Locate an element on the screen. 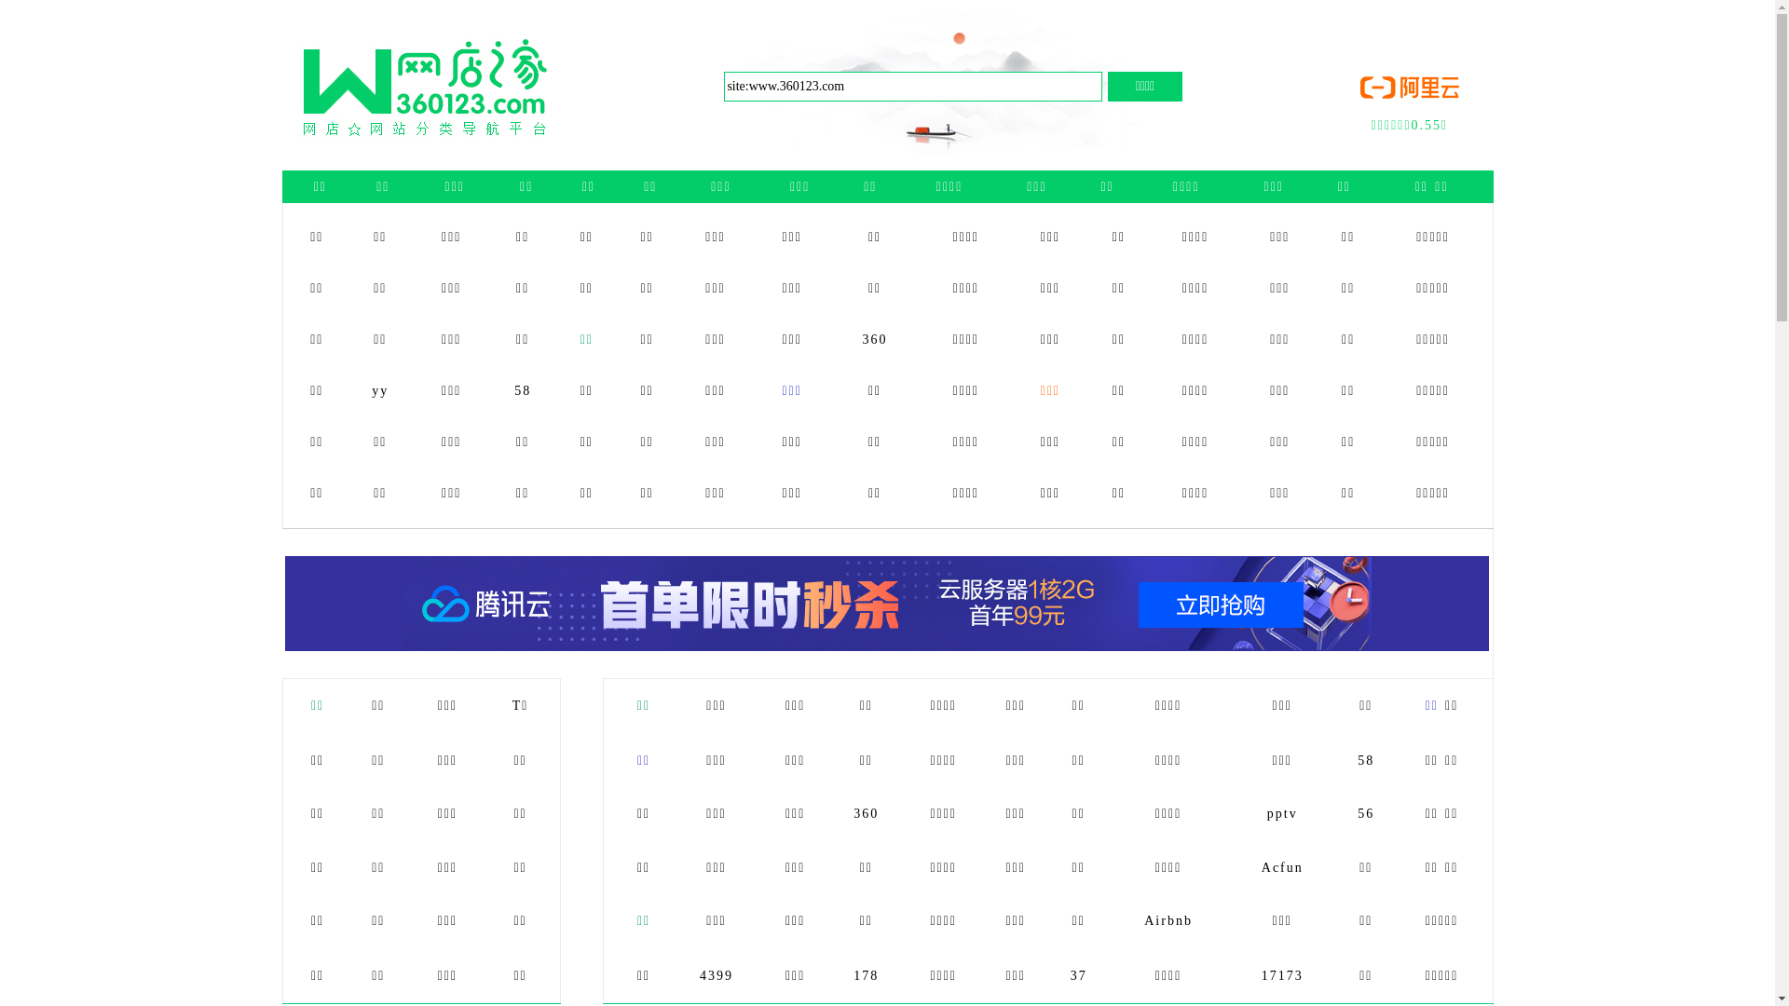 Image resolution: width=1789 pixels, height=1006 pixels. 'yy' is located at coordinates (379, 389).